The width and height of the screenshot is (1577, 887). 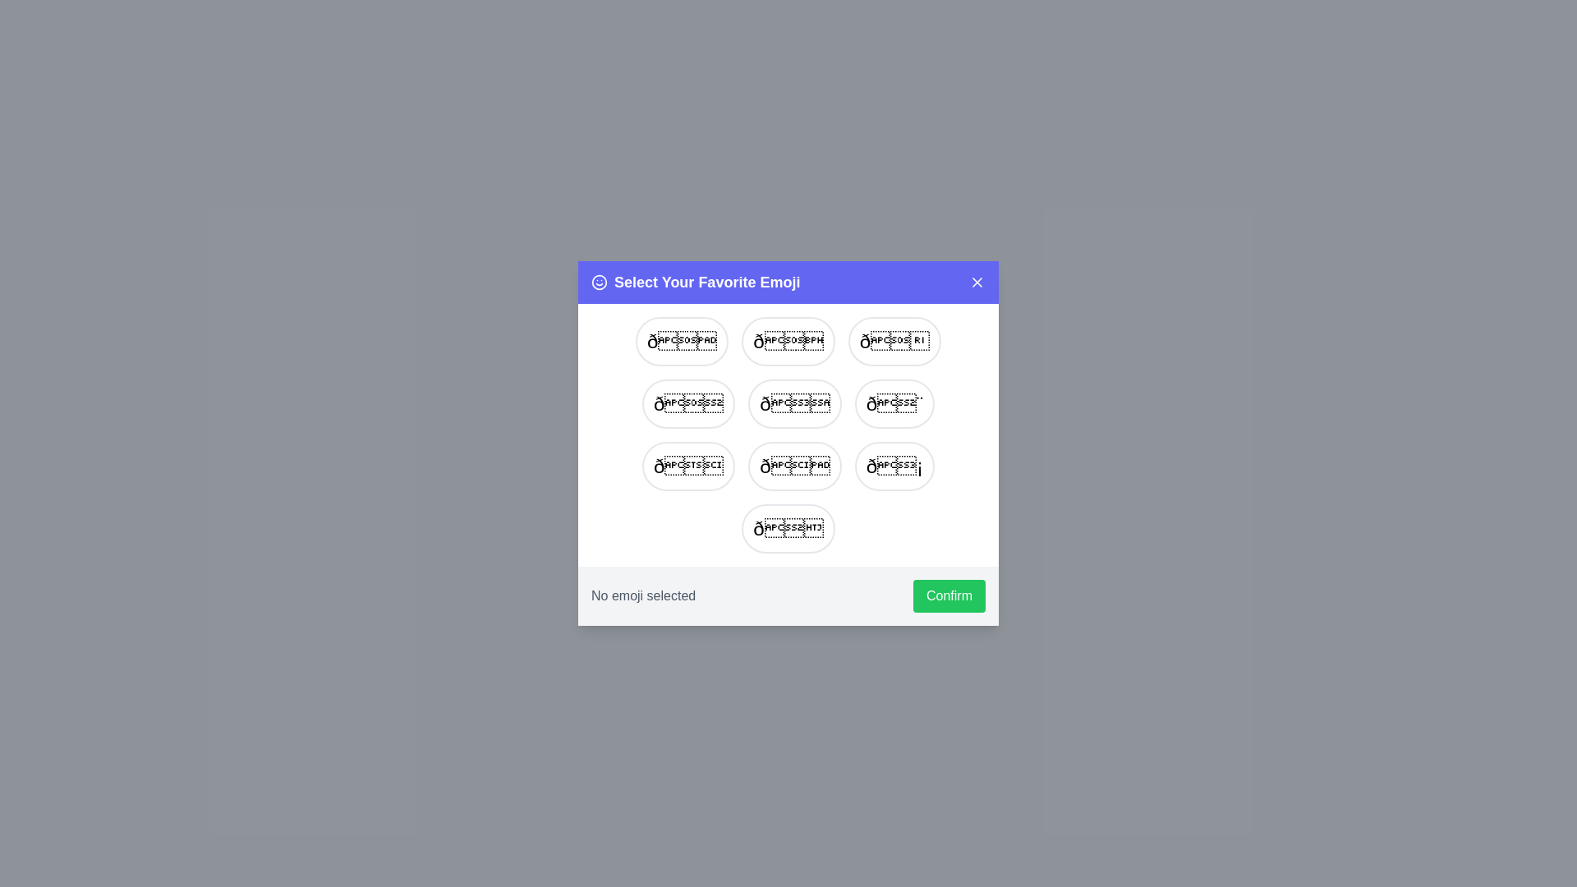 I want to click on the emoji 🎨 from the list, so click(x=894, y=404).